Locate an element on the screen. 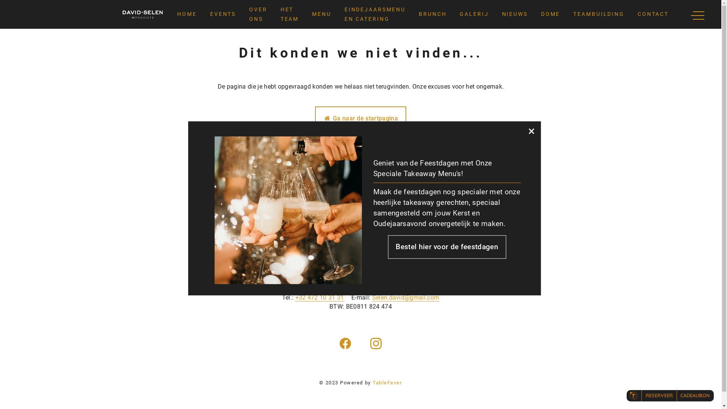 This screenshot has width=727, height=409. 'Bestel hier voor de feestdagen' is located at coordinates (447, 247).